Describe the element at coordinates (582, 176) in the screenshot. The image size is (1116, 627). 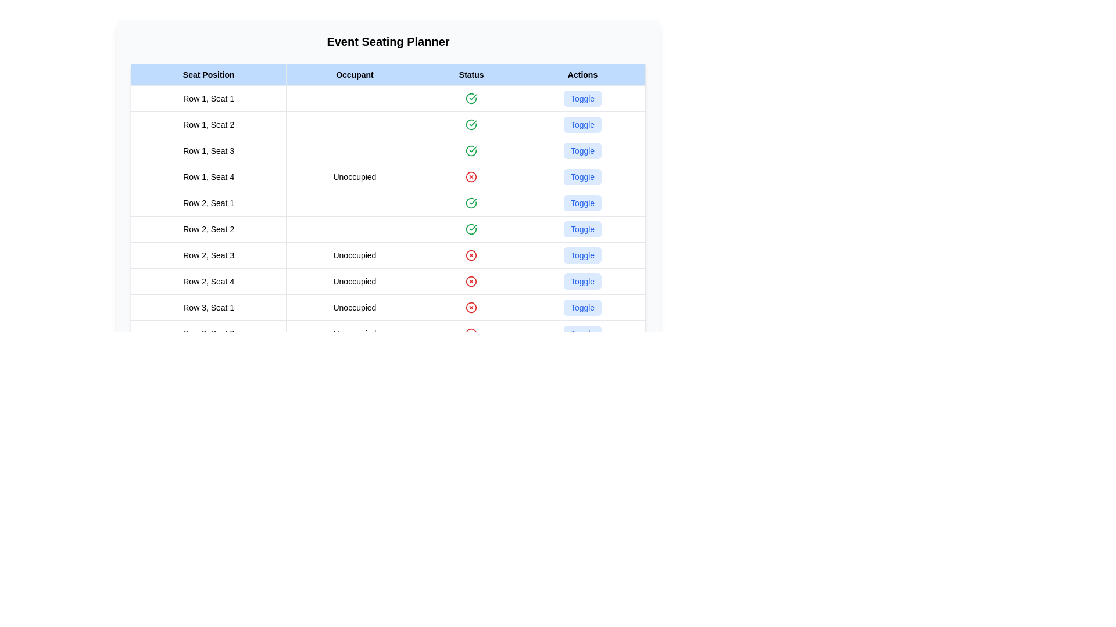
I see `the 'Toggle' button with rounded corners, light blue background, and bold blue text located in the 'Actions' column of the table layout for 'Row 1, Seat 4'` at that location.